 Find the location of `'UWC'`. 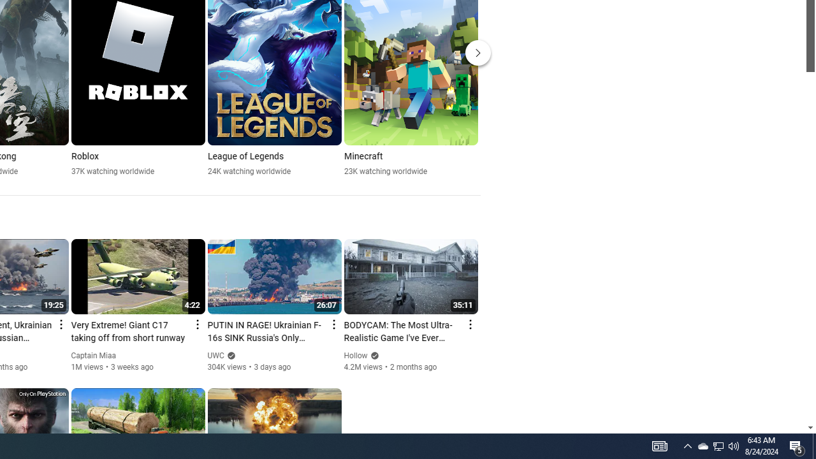

'UWC' is located at coordinates (216, 356).